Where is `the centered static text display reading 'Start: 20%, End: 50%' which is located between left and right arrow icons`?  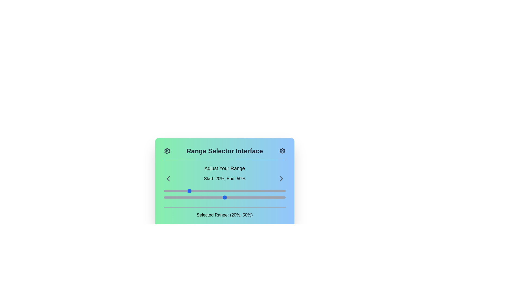
the centered static text display reading 'Start: 20%, End: 50%' which is located between left and right arrow icons is located at coordinates (225, 179).